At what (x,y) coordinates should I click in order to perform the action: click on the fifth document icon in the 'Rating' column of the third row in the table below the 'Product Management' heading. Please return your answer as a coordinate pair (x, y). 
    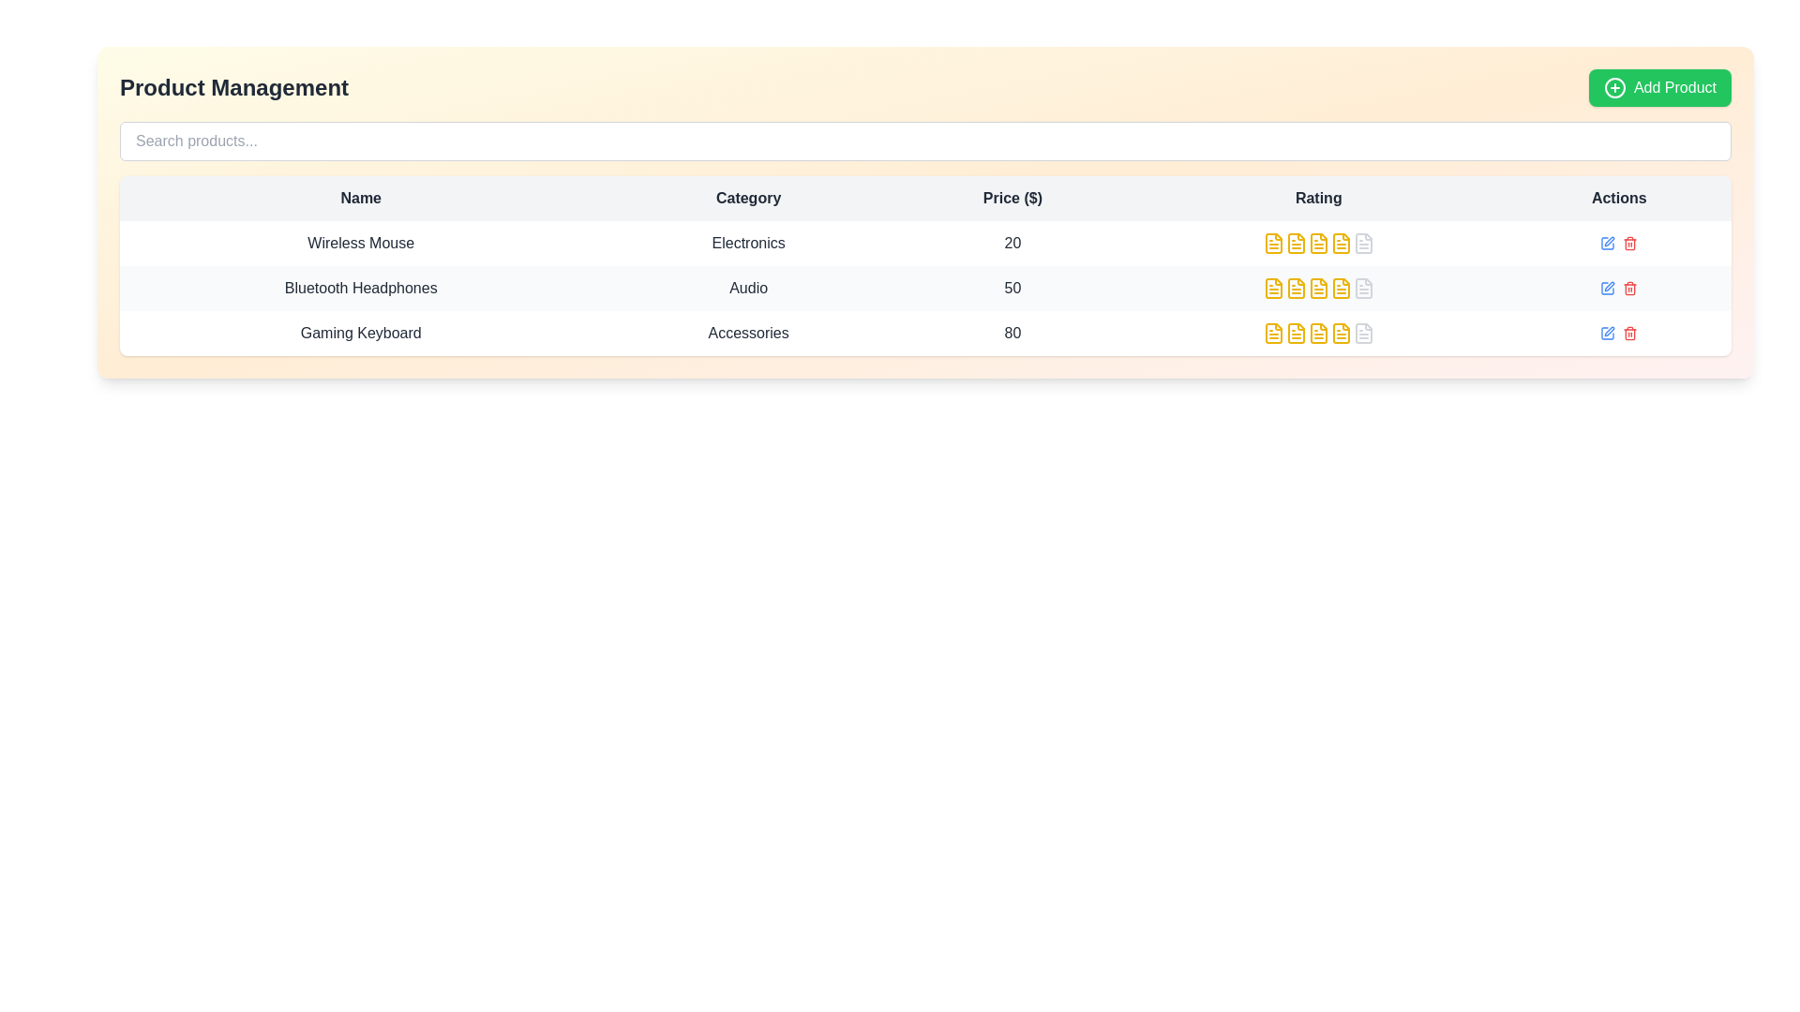
    Looking at the image, I should click on (1340, 332).